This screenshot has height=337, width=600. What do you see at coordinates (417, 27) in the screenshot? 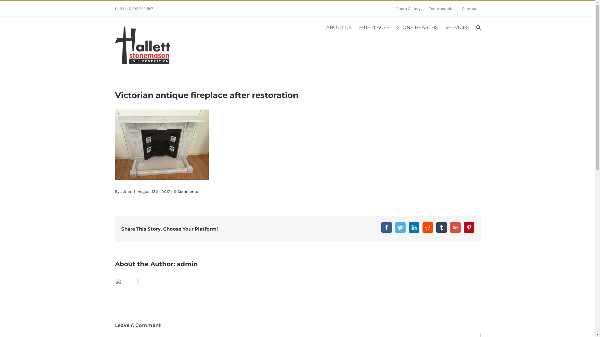
I see `'STONE HEARTHS'` at bounding box center [417, 27].